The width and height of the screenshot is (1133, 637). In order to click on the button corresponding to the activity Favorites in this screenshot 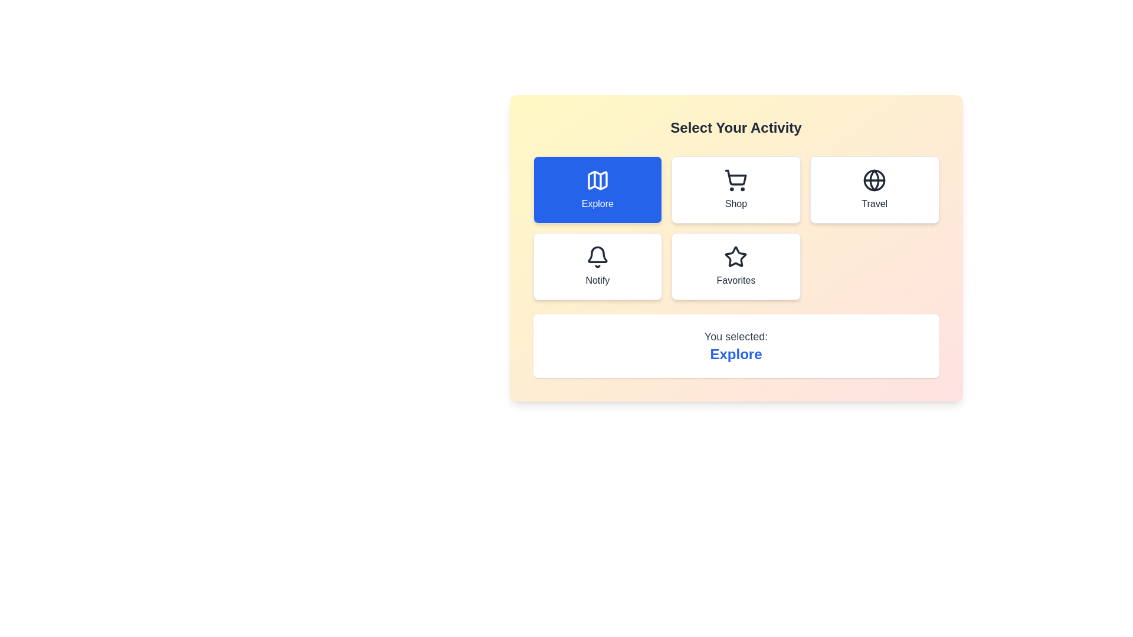, I will do `click(735, 266)`.